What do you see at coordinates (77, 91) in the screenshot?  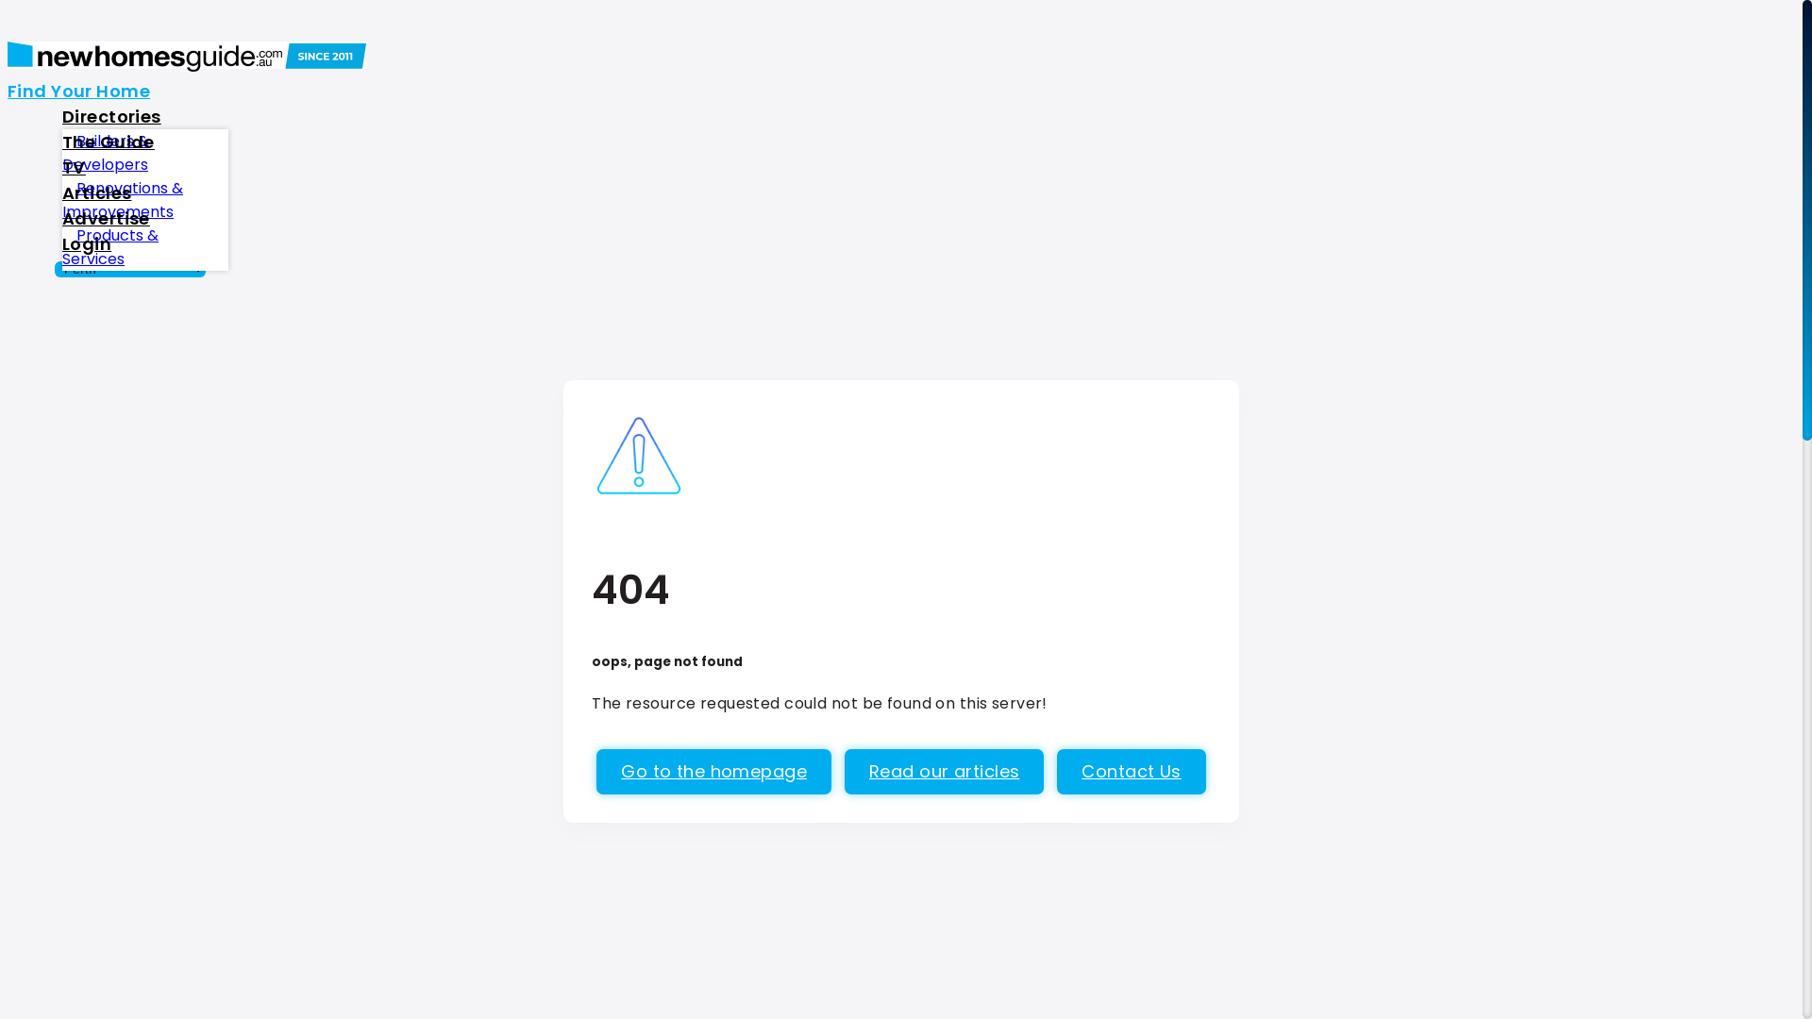 I see `'Find Your Home'` at bounding box center [77, 91].